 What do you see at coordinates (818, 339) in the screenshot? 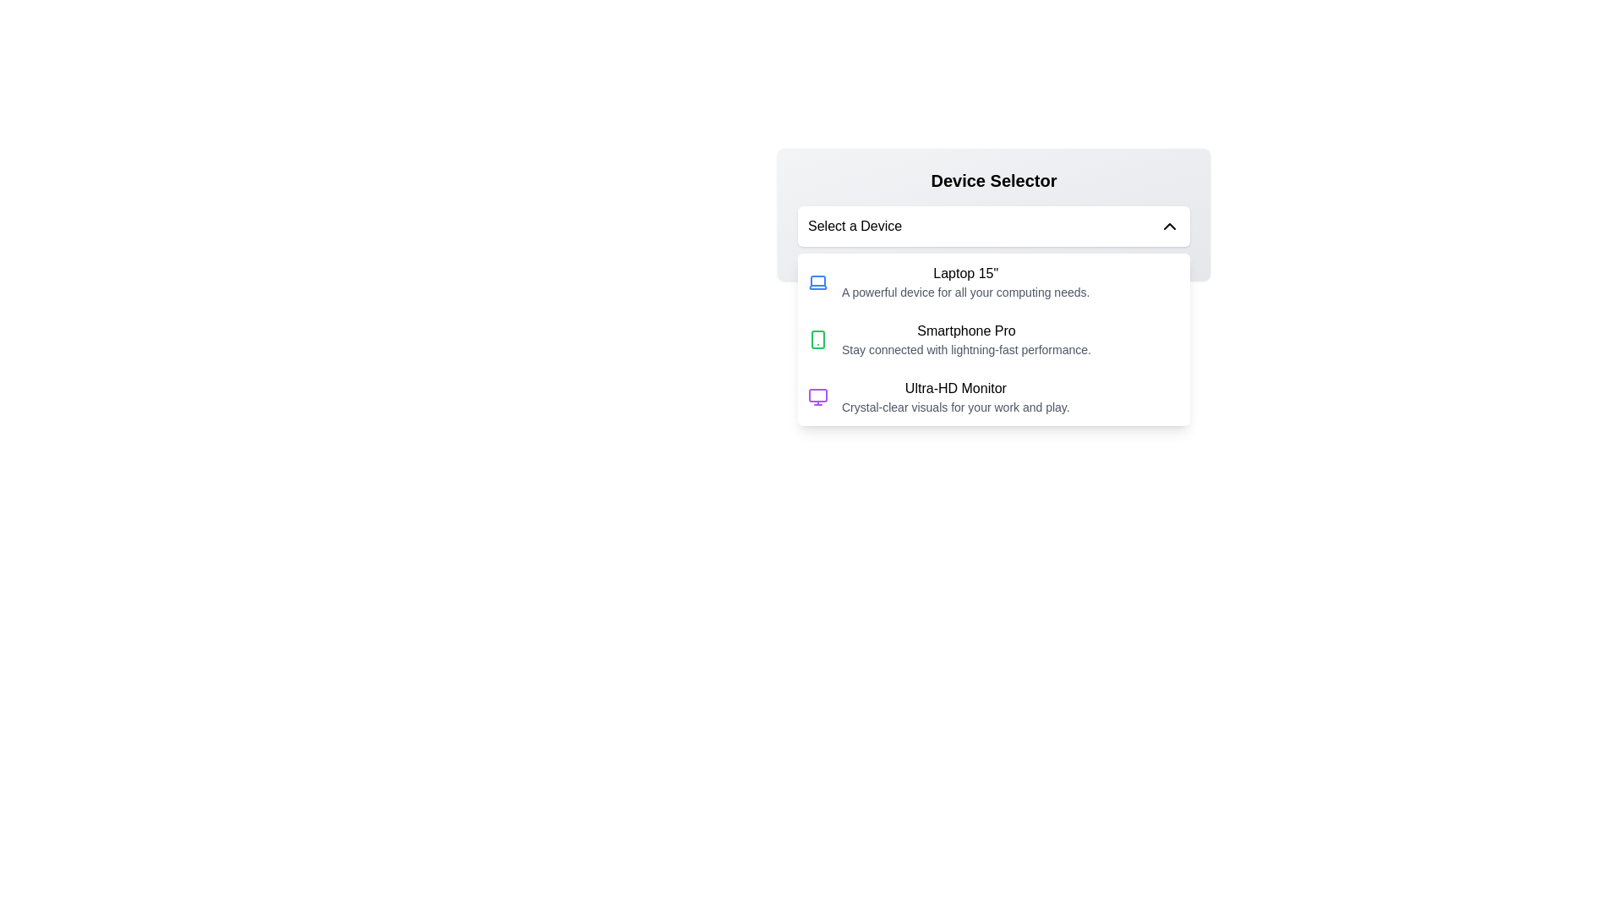
I see `the smartphone icon located to the left of the text 'Smartphone Pro Stay connected with lightning-fast performance.' in the 'Device Selector' dropdown` at bounding box center [818, 339].